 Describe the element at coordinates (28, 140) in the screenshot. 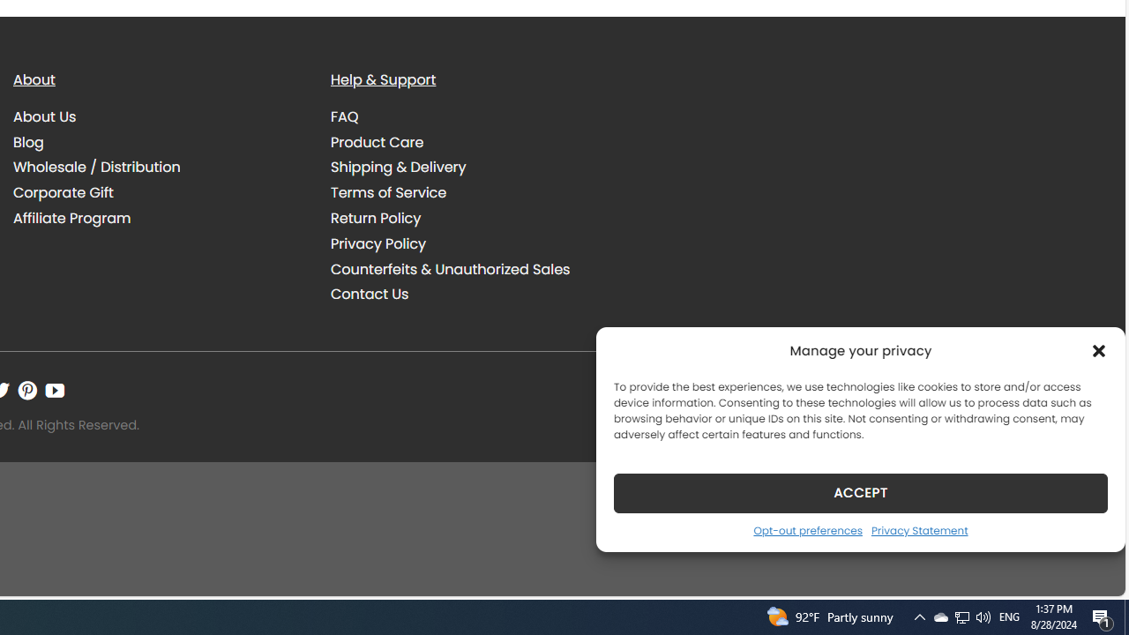

I see `'Blog'` at that location.